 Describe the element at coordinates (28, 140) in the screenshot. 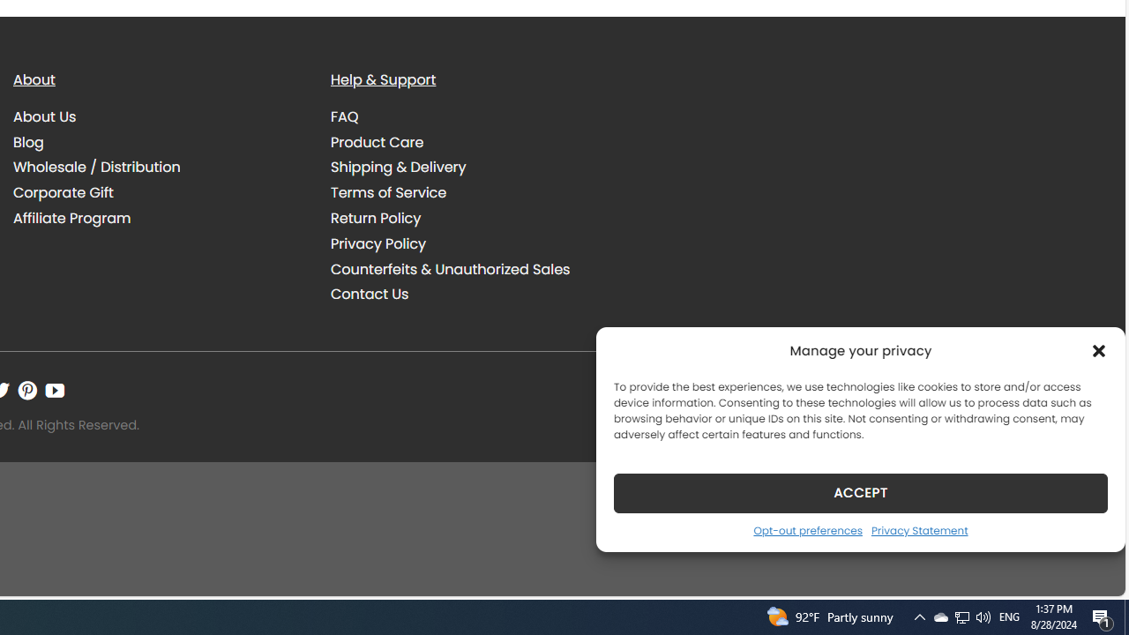

I see `'Blog'` at that location.